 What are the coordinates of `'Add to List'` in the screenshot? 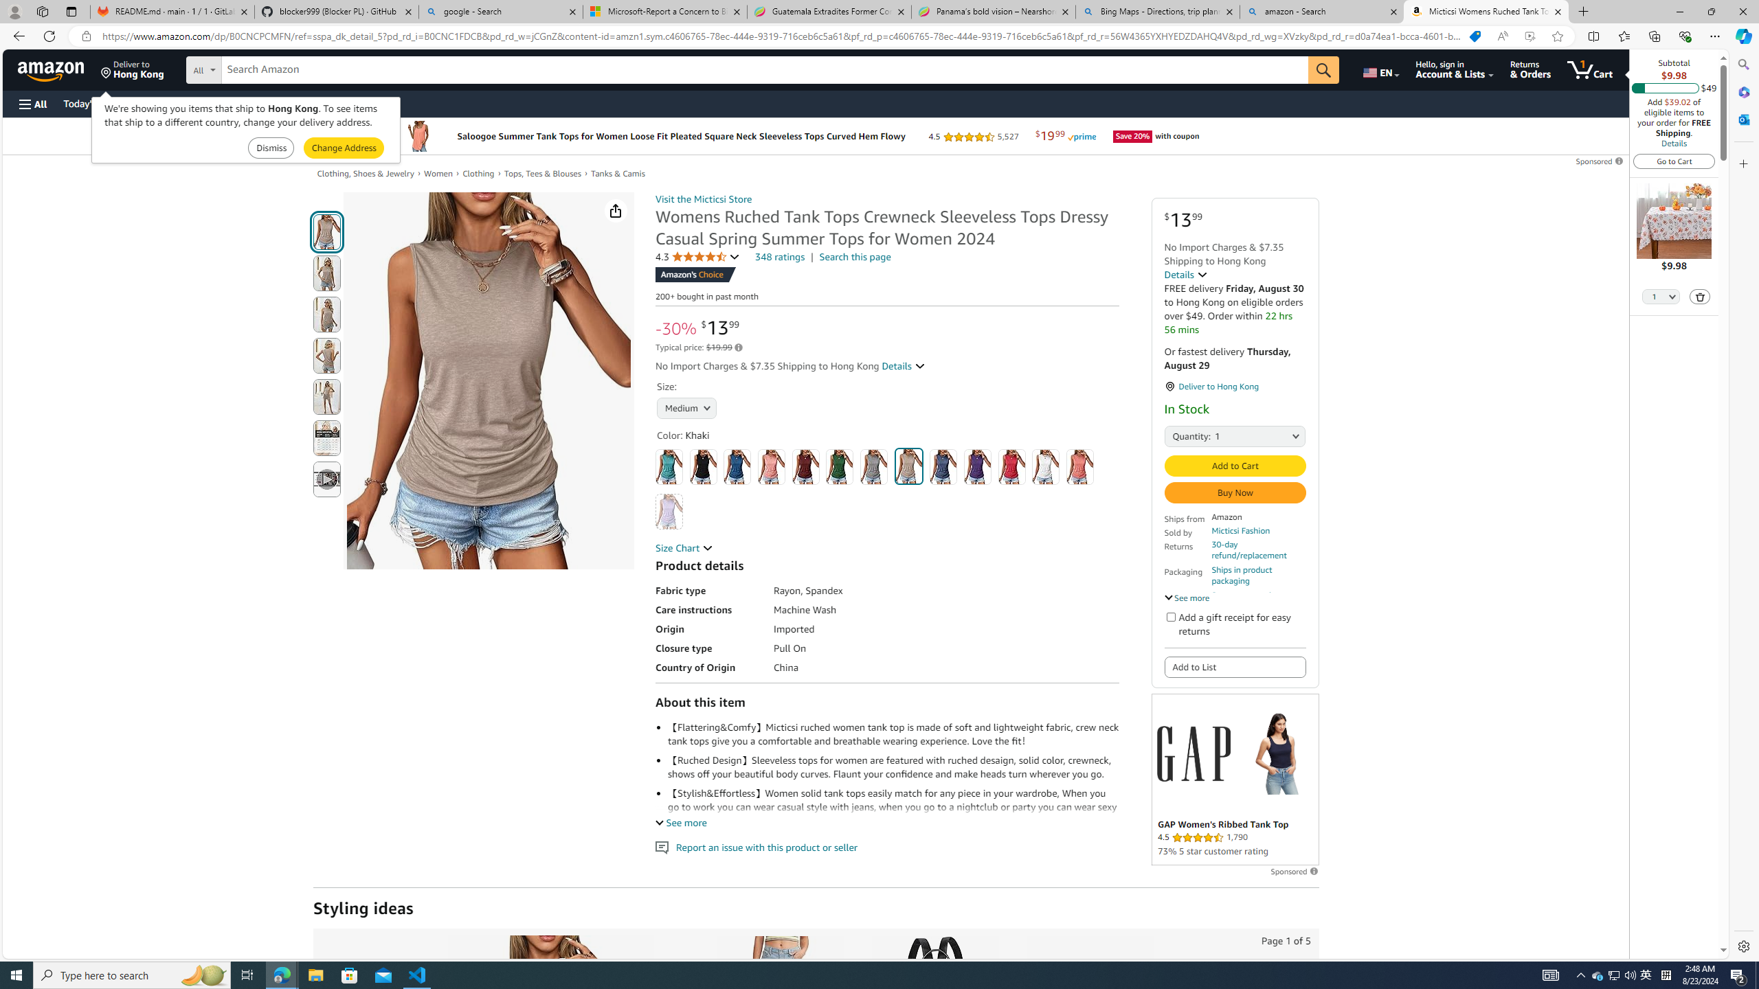 It's located at (1235, 668).